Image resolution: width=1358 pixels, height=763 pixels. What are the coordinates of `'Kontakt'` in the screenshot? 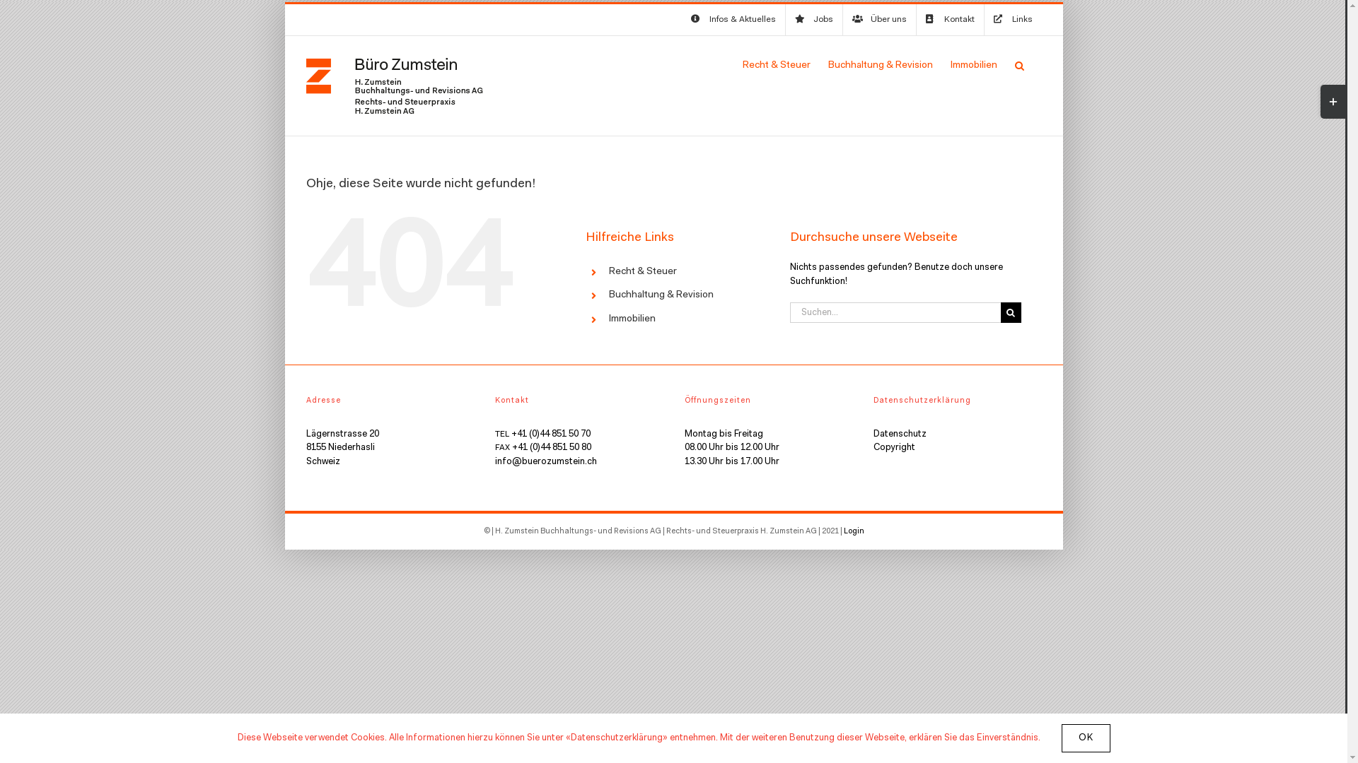 It's located at (950, 19).